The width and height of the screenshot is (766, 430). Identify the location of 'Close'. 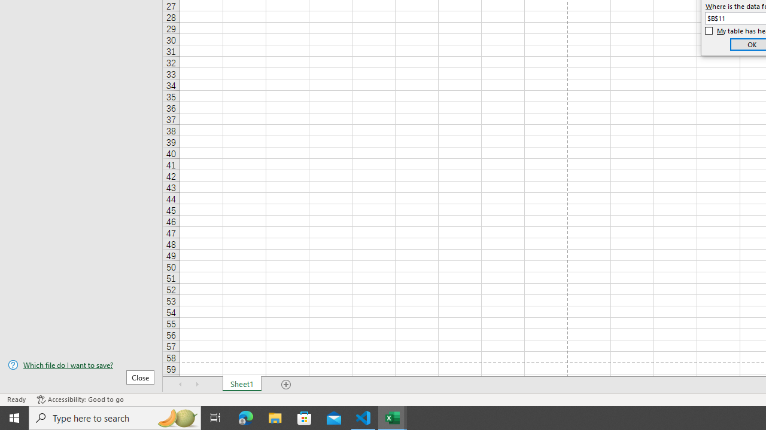
(140, 377).